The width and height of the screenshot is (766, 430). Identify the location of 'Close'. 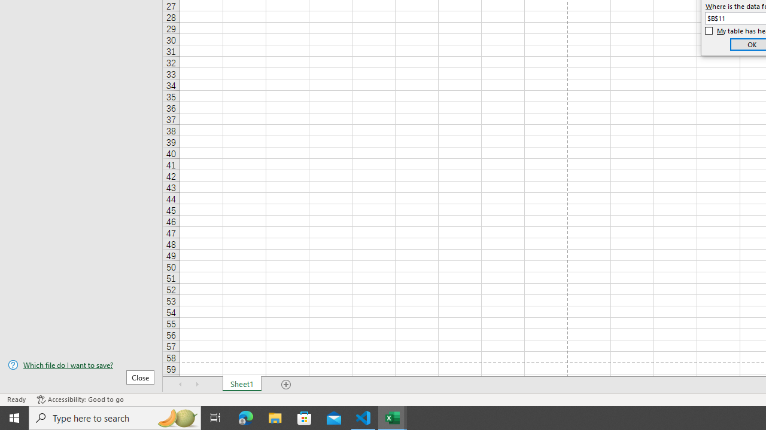
(140, 377).